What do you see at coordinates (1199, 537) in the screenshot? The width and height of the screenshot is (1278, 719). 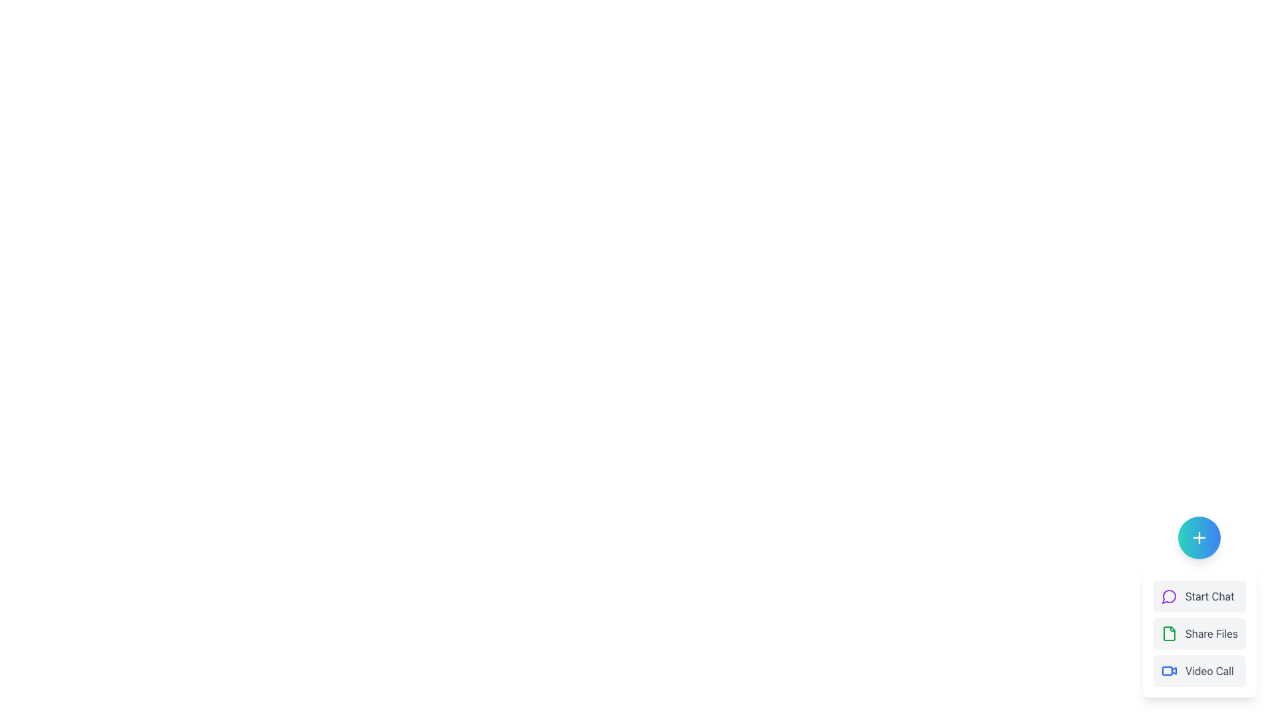 I see `the Circular Icon Button located in the bottom-right corner` at bounding box center [1199, 537].